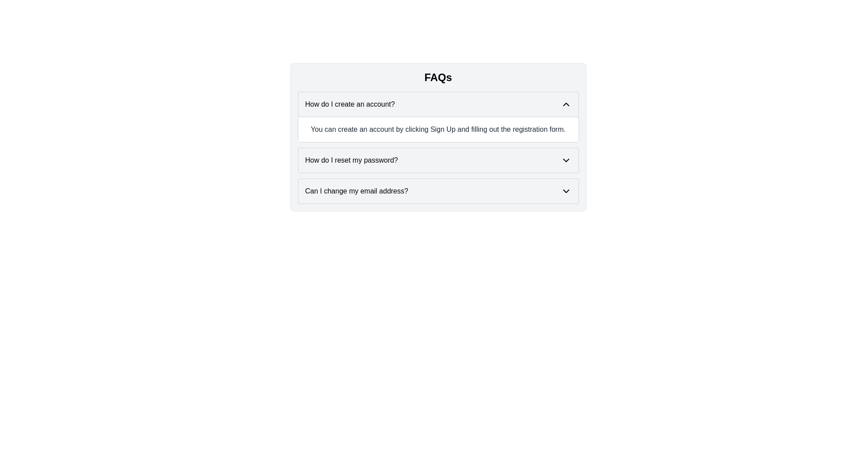 This screenshot has height=476, width=846. What do you see at coordinates (566, 160) in the screenshot?
I see `the downward-pointing chevron icon at the right end of the FAQ item titled 'How do I reset my password?'` at bounding box center [566, 160].